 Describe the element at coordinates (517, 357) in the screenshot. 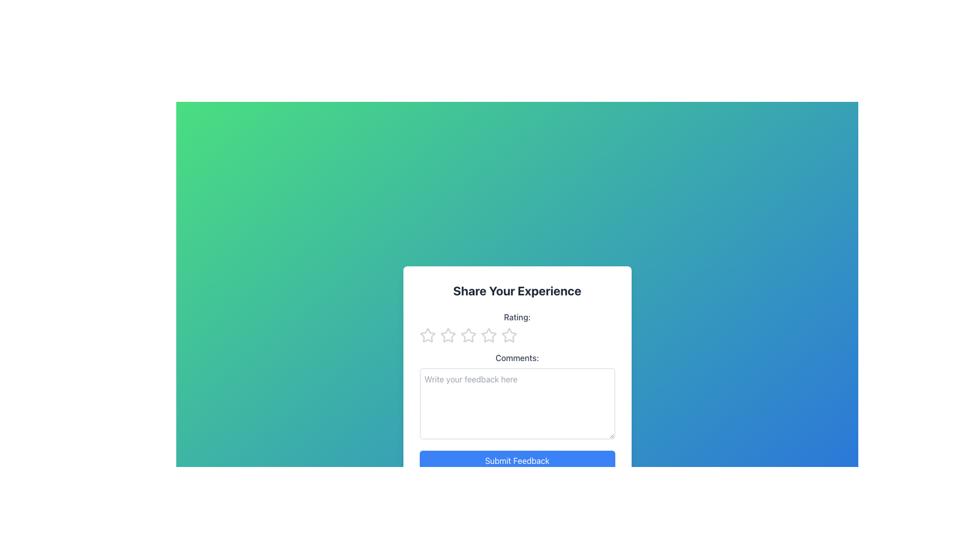

I see `the text label 'Comments:' which is displayed in bold, medium-sized dark gray font, located below the rating stars in the feedback form, serving as a label for the input field beneath it` at that location.